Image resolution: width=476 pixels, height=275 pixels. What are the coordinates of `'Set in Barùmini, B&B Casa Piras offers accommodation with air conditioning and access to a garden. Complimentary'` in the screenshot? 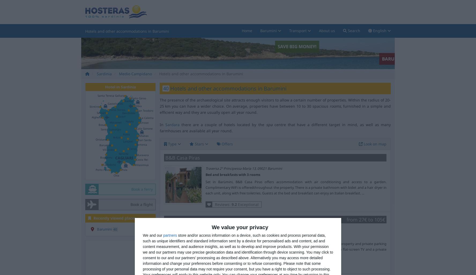 It's located at (295, 184).